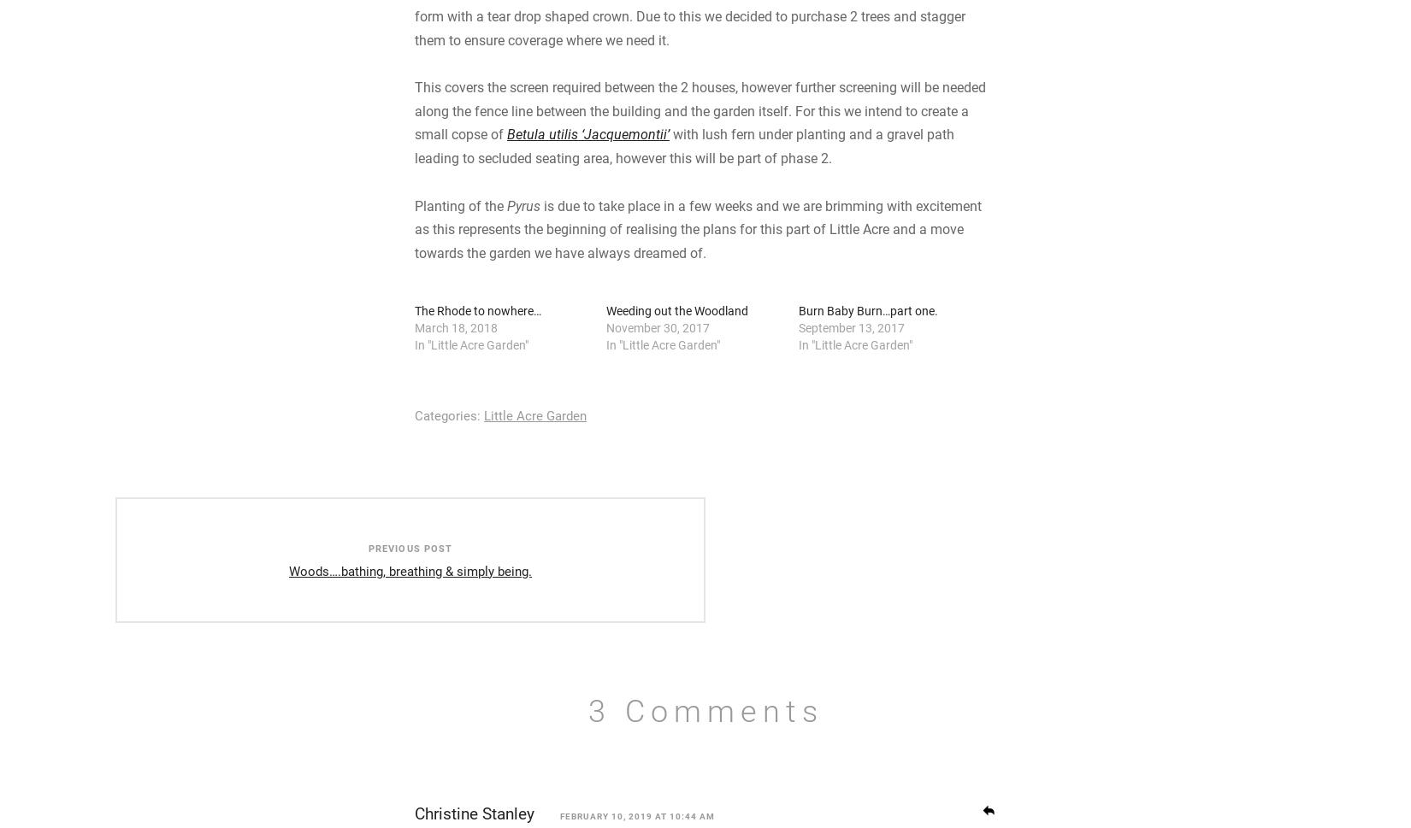  What do you see at coordinates (700, 250) in the screenshot?
I see `'This covers the screen required between the 2 houses, however further screening will be needed along the fence line between the building and the garden itself. For this we intend to create a small copse of'` at bounding box center [700, 250].